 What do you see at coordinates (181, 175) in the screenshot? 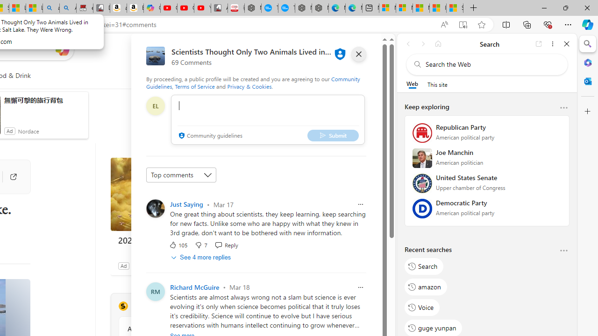
I see `'Sort comments by'` at bounding box center [181, 175].